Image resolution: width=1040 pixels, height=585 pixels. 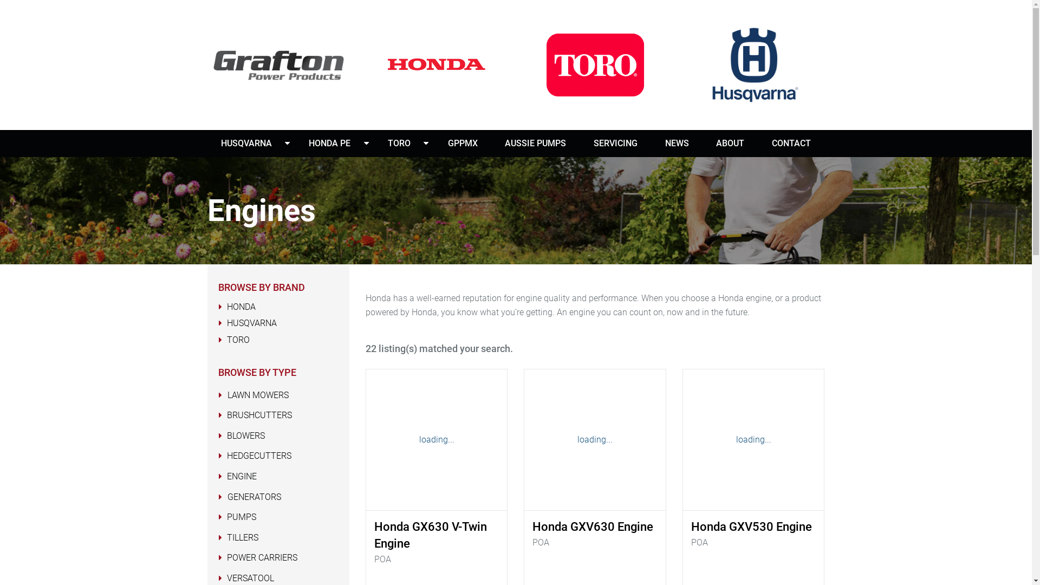 I want to click on 'HEDGECUTTERS', so click(x=258, y=456).